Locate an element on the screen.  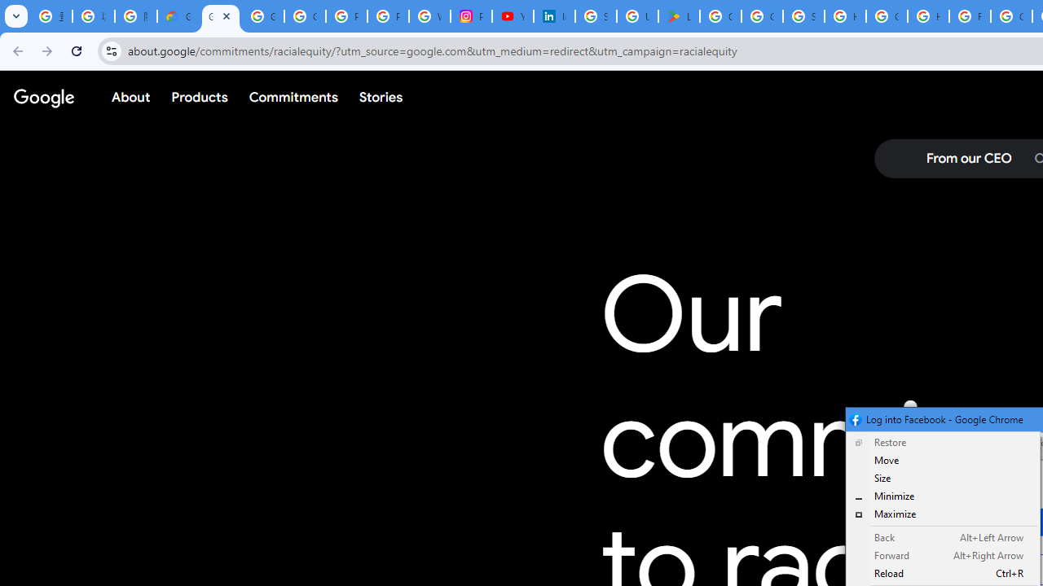
'Move' is located at coordinates (943, 460).